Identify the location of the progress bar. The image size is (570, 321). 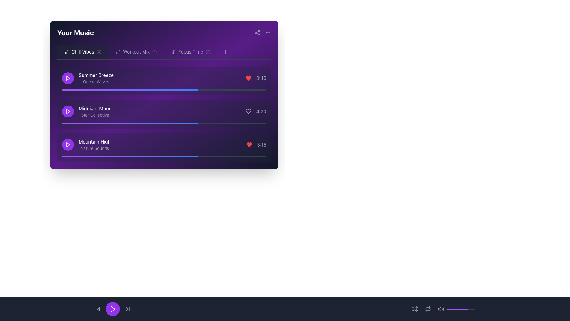
(111, 123).